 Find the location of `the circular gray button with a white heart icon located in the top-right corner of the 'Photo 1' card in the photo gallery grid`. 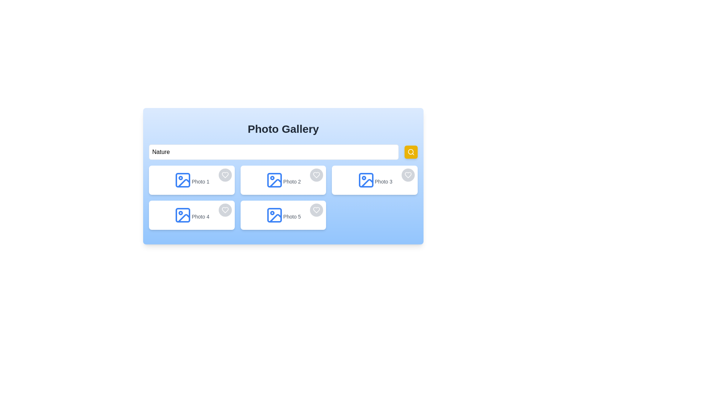

the circular gray button with a white heart icon located in the top-right corner of the 'Photo 1' card in the photo gallery grid is located at coordinates (225, 175).